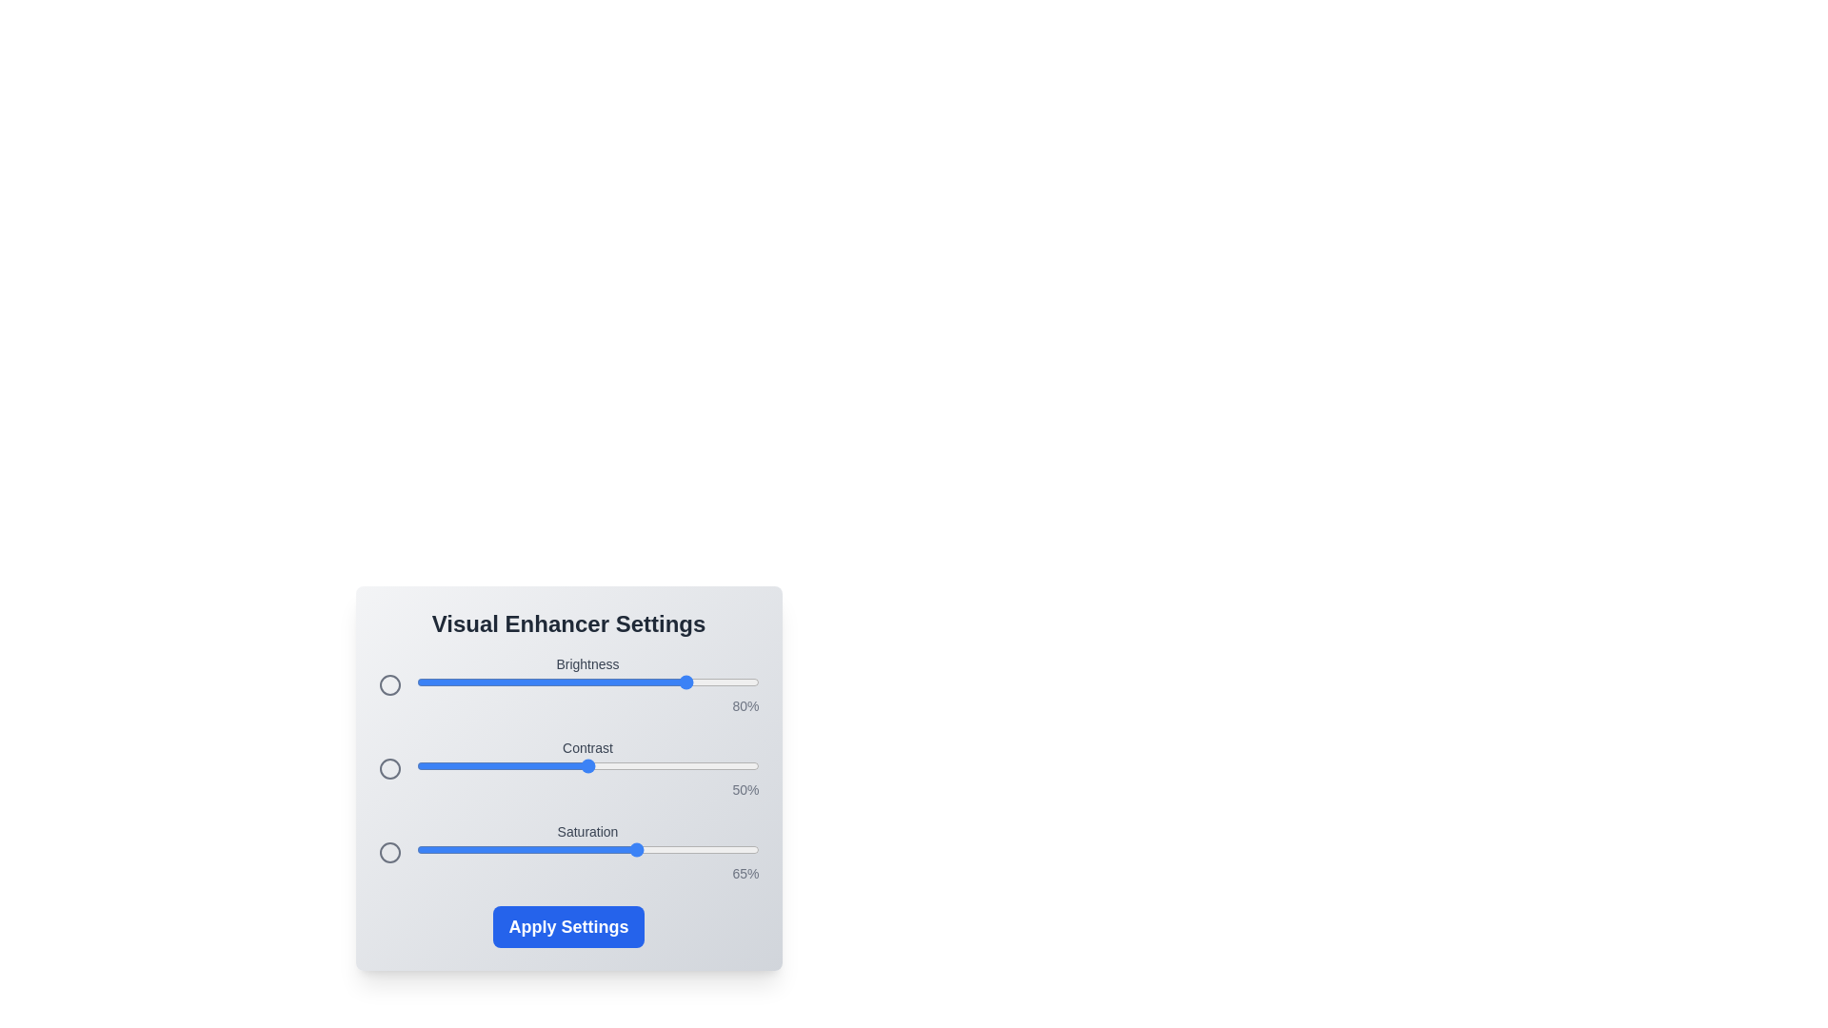 The height and width of the screenshot is (1028, 1828). Describe the element at coordinates (443, 765) in the screenshot. I see `the 1 slider to 8%` at that location.